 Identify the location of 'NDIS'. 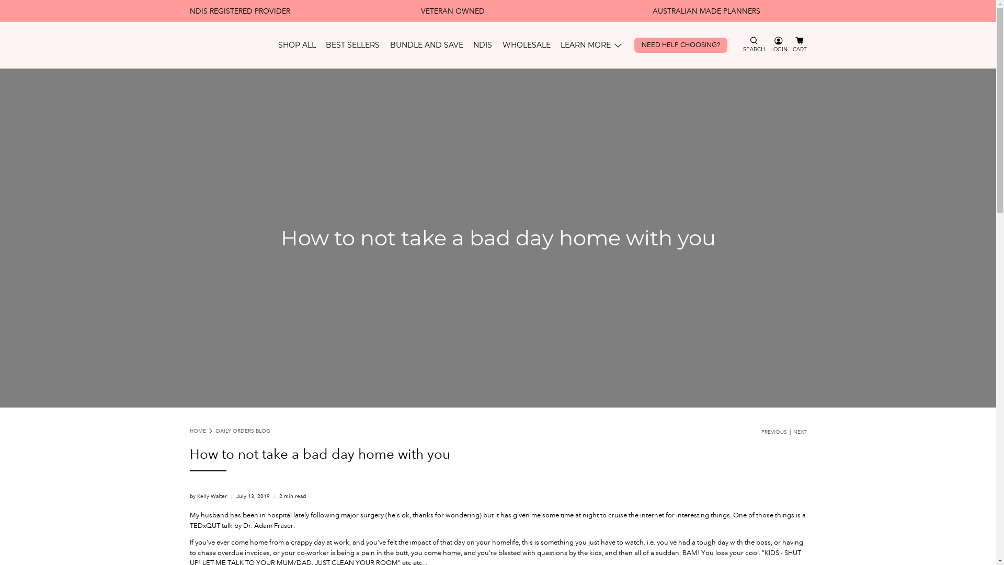
(482, 44).